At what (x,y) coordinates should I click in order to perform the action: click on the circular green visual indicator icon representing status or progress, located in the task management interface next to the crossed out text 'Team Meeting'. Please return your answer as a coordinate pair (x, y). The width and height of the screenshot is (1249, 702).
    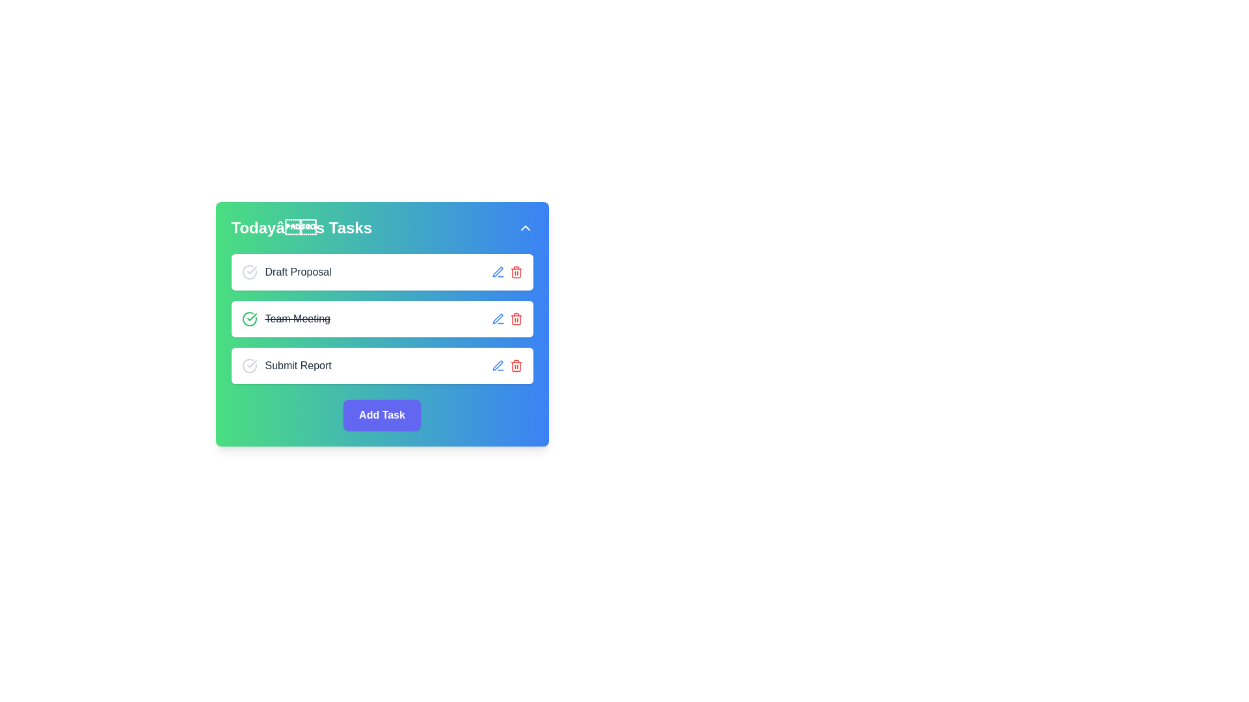
    Looking at the image, I should click on (249, 318).